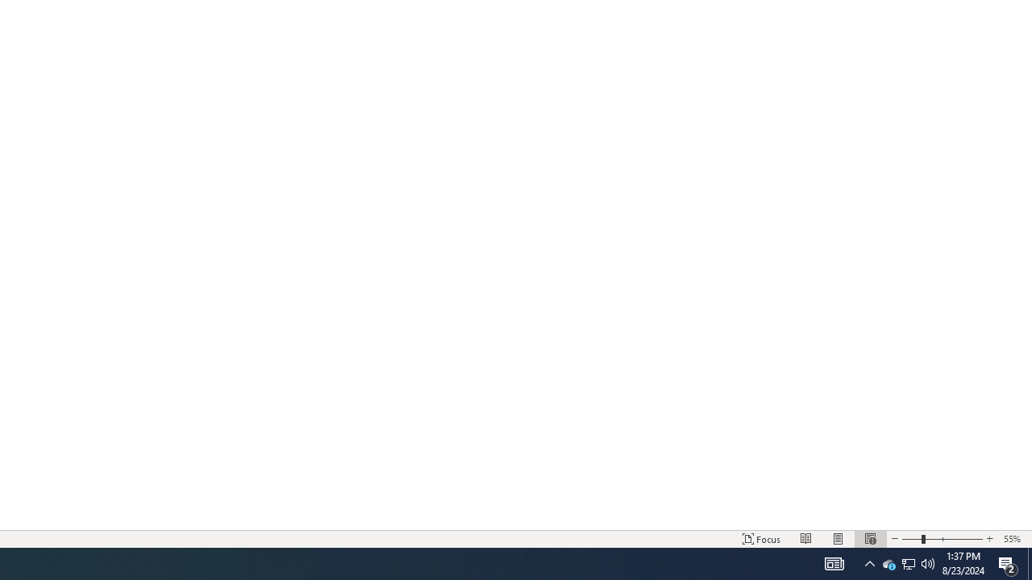 This screenshot has height=580, width=1032. What do you see at coordinates (806, 539) in the screenshot?
I see `'Read Mode'` at bounding box center [806, 539].